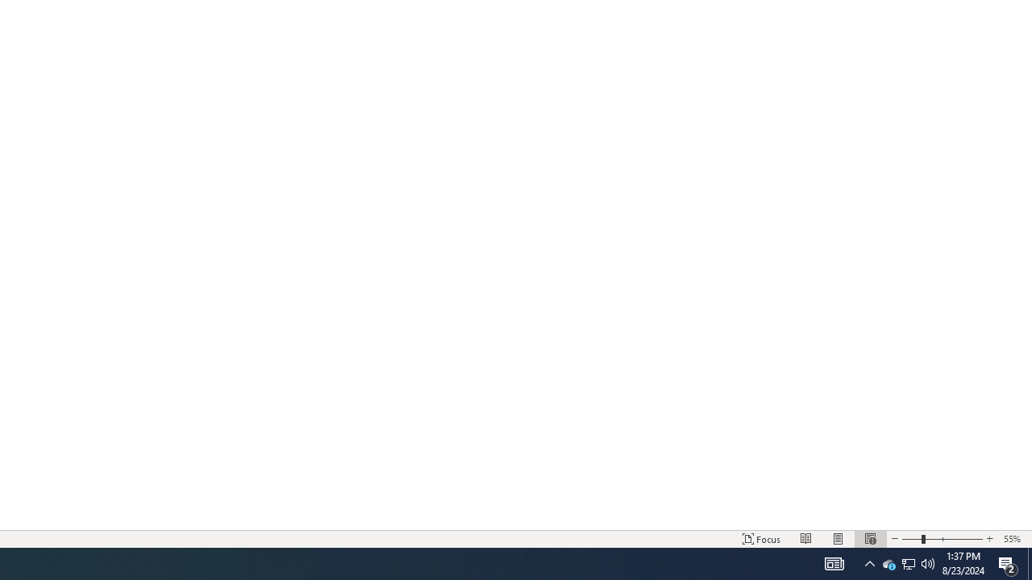 This screenshot has height=580, width=1032. What do you see at coordinates (806, 539) in the screenshot?
I see `'Read Mode'` at bounding box center [806, 539].